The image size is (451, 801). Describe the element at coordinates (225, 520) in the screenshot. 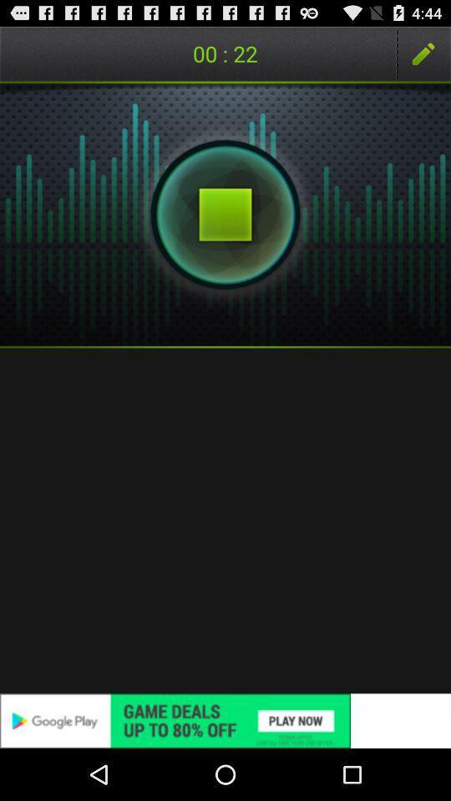

I see `the item at the center` at that location.